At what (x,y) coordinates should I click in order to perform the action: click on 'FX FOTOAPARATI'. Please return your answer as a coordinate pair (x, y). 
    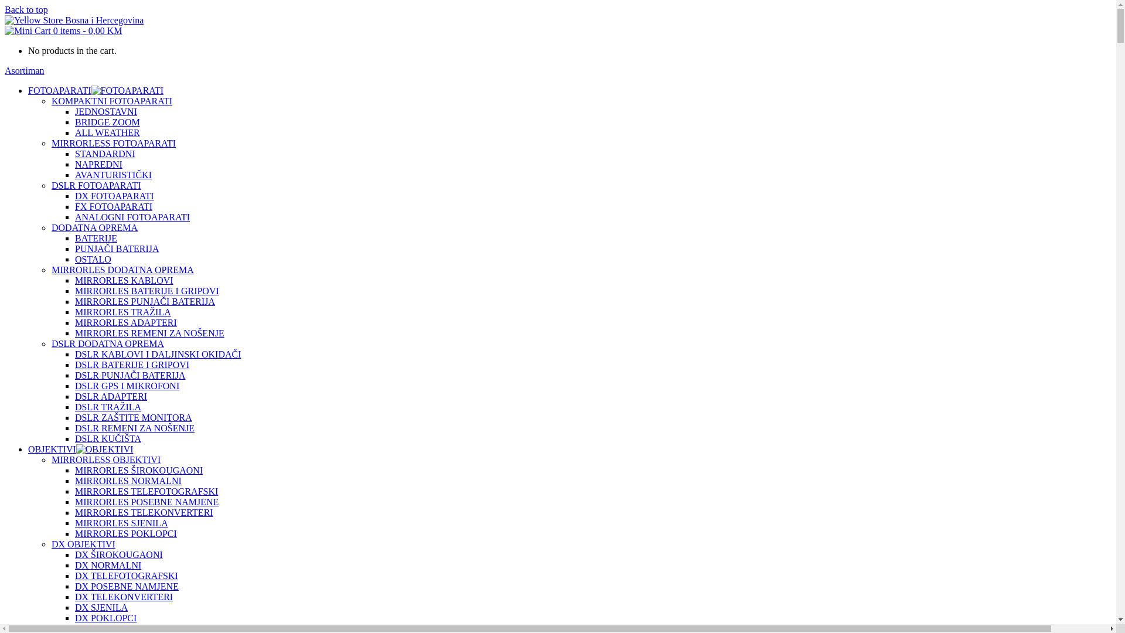
    Looking at the image, I should click on (113, 206).